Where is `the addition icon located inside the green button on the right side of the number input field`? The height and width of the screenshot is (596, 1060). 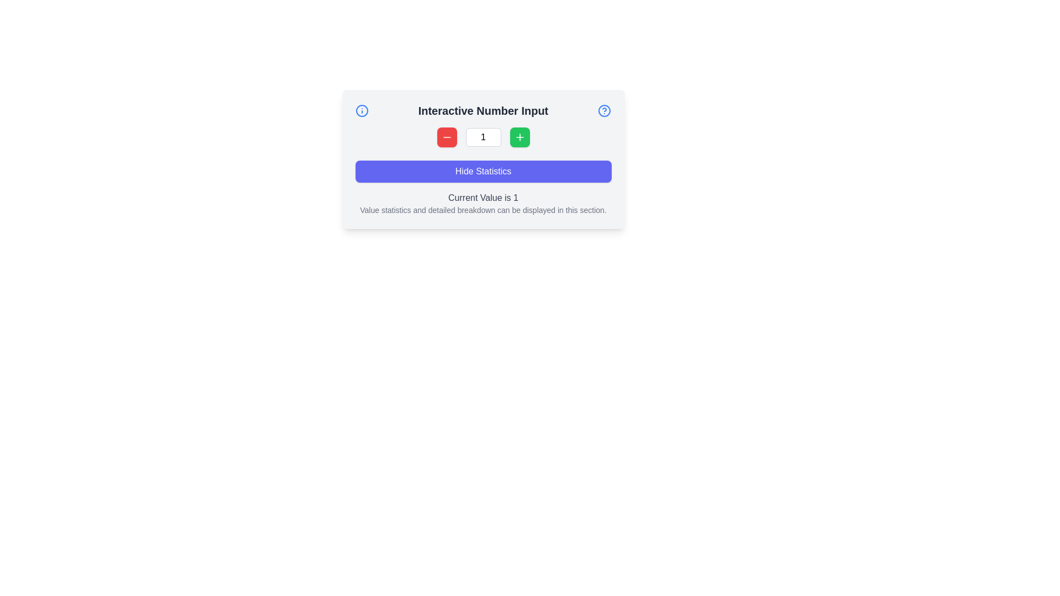
the addition icon located inside the green button on the right side of the number input field is located at coordinates (519, 137).